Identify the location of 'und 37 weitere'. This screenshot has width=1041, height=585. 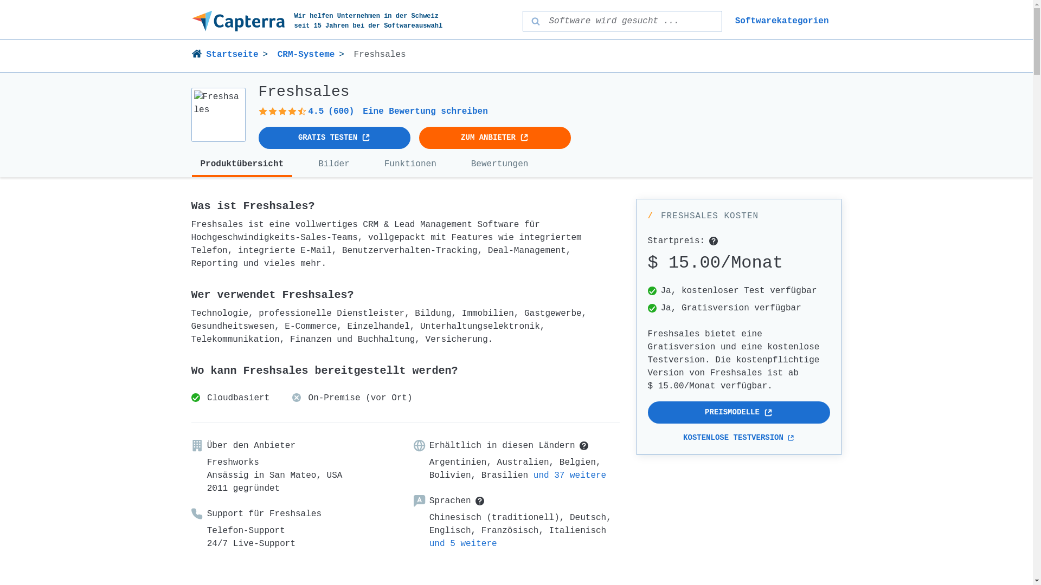
(569, 475).